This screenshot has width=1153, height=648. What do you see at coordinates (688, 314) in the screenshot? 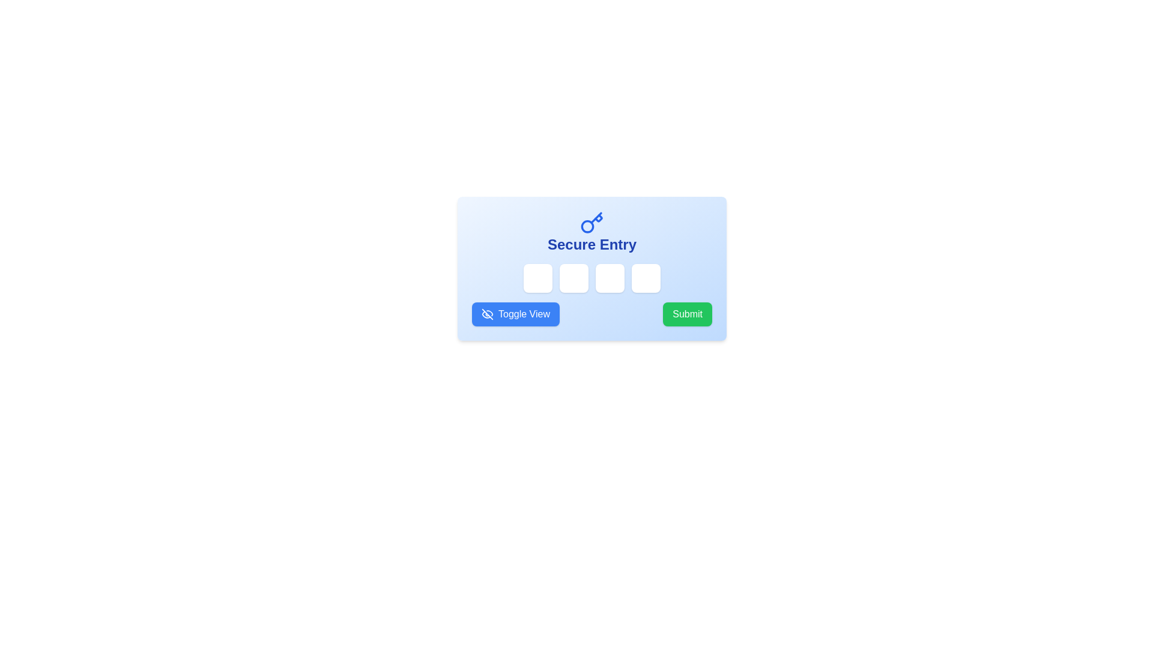
I see `the 'Submit' button located on the right side of the button group` at bounding box center [688, 314].